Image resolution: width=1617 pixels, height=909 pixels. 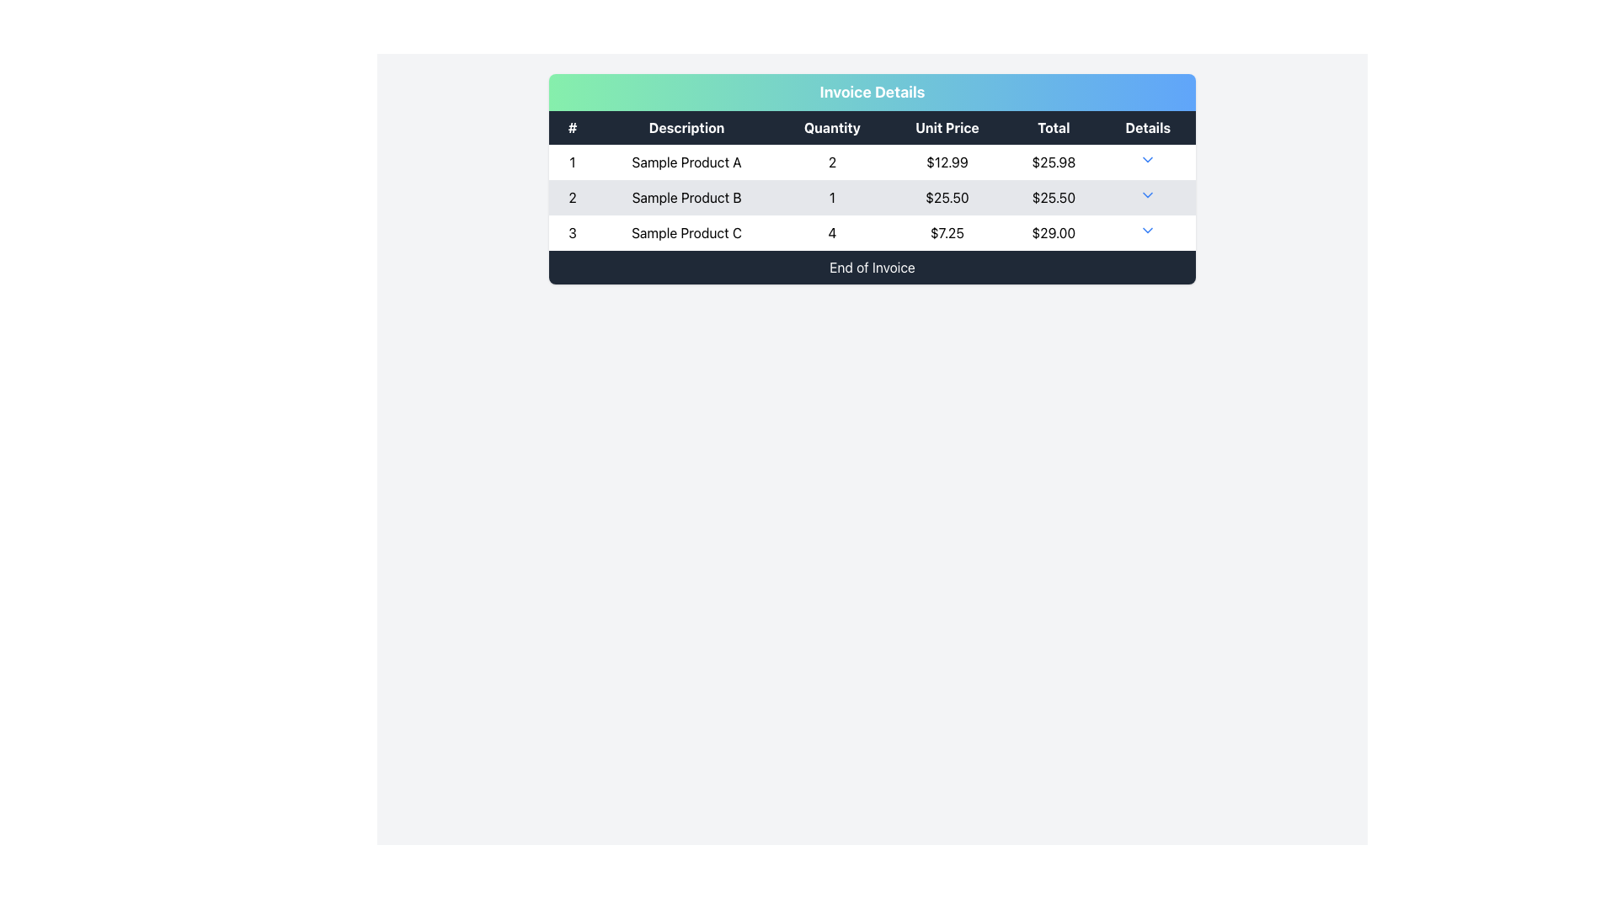 I want to click on the static text displaying the unit price for 'Sample Product C' in the third row of the table, so click(x=947, y=233).